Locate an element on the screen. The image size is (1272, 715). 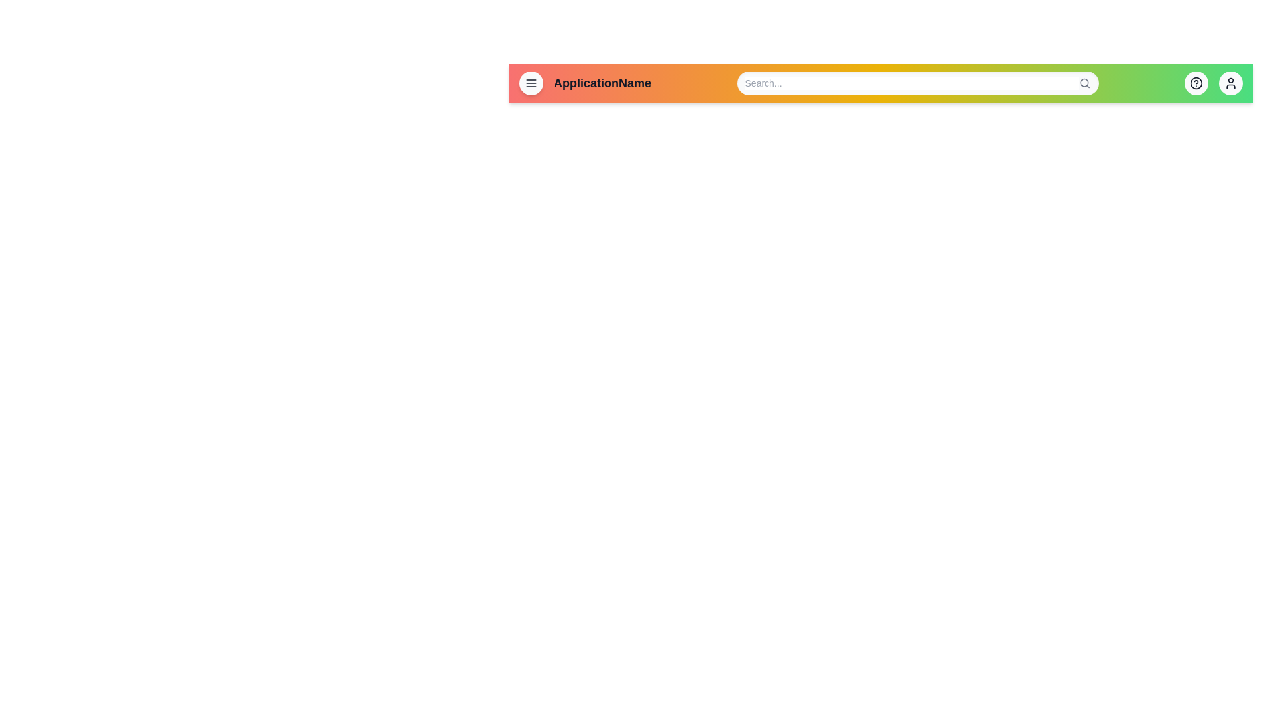
the user profile icon to view or edit profile settings is located at coordinates (1230, 83).